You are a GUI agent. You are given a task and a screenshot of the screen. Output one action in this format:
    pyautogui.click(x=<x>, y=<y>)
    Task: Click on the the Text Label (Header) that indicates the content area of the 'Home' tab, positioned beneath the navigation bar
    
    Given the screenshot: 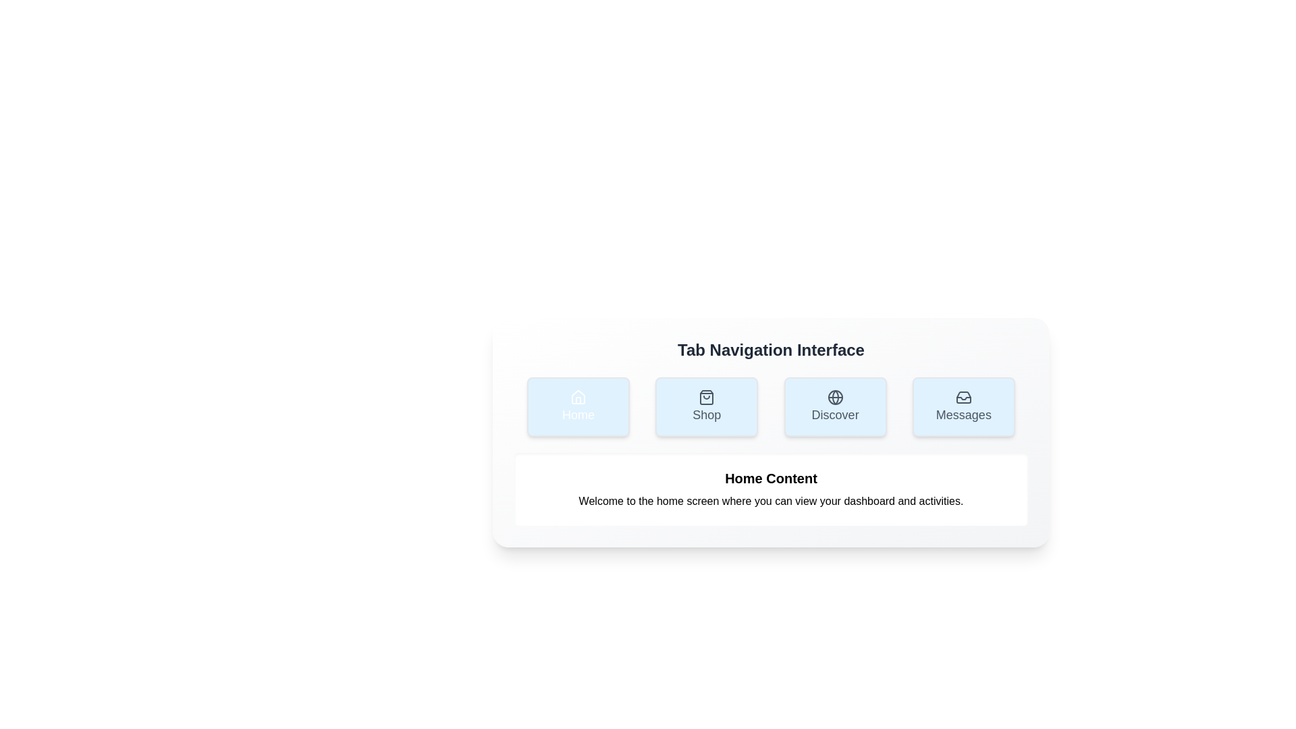 What is the action you would take?
    pyautogui.click(x=771, y=478)
    